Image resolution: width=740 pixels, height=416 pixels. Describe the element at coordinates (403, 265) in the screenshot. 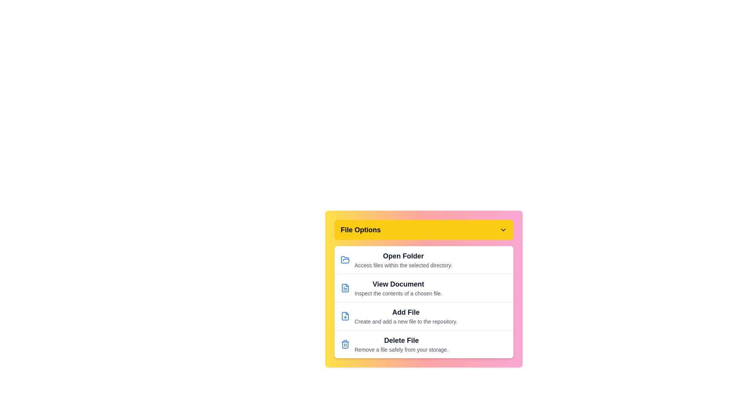

I see `the text label reading 'Access files within the selected directory.' located within the 'File Options' dropdown panel, below the 'Open Folder' text element` at that location.